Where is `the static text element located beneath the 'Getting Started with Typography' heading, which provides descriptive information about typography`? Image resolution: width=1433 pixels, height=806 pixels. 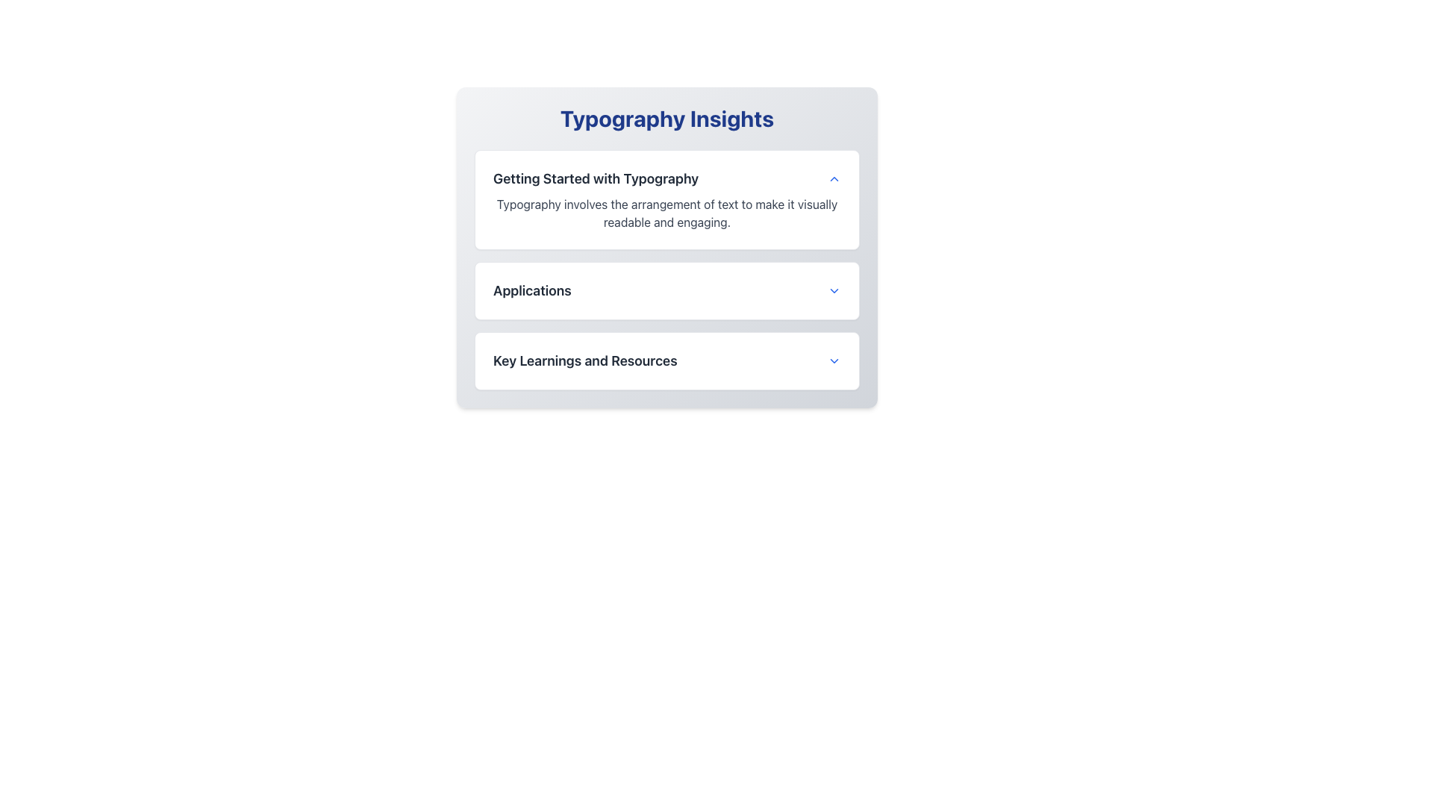 the static text element located beneath the 'Getting Started with Typography' heading, which provides descriptive information about typography is located at coordinates (666, 213).